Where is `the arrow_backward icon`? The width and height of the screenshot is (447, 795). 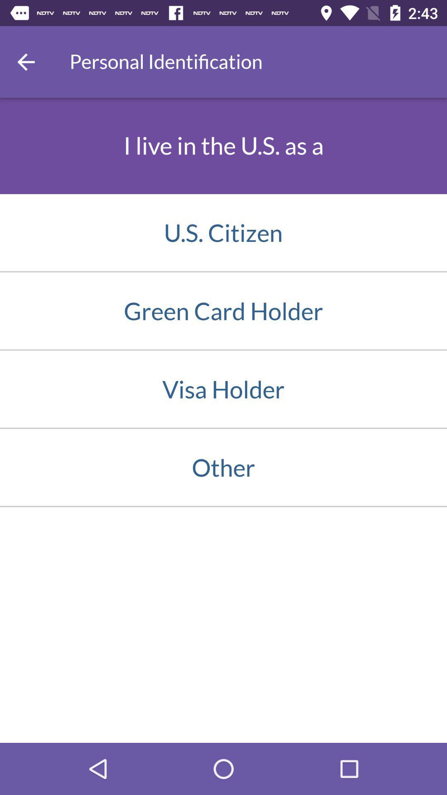 the arrow_backward icon is located at coordinates (25, 61).